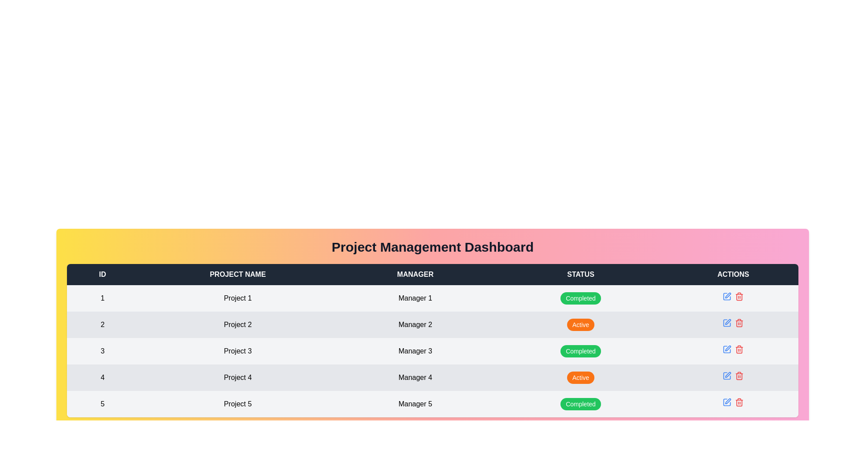 The image size is (846, 476). I want to click on the decorative part of the trash bin icon located in the 'Actions' column next to the fifth row of the project list, so click(739, 324).